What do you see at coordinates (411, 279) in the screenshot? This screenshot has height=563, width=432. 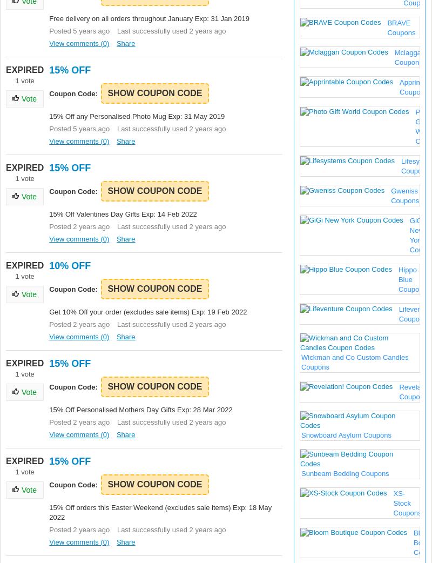 I see `'Hippo Blue Coupons'` at bounding box center [411, 279].